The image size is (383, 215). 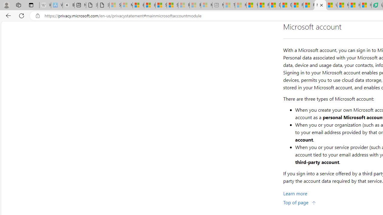 What do you see at coordinates (69, 5) in the screenshot?
I see `'Buy iPad - Apple - Sleeping'` at bounding box center [69, 5].